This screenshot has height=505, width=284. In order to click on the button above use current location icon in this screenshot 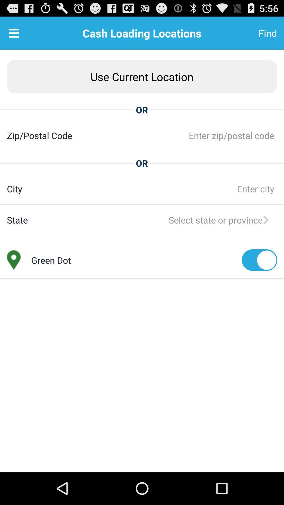, I will do `click(255, 33)`.